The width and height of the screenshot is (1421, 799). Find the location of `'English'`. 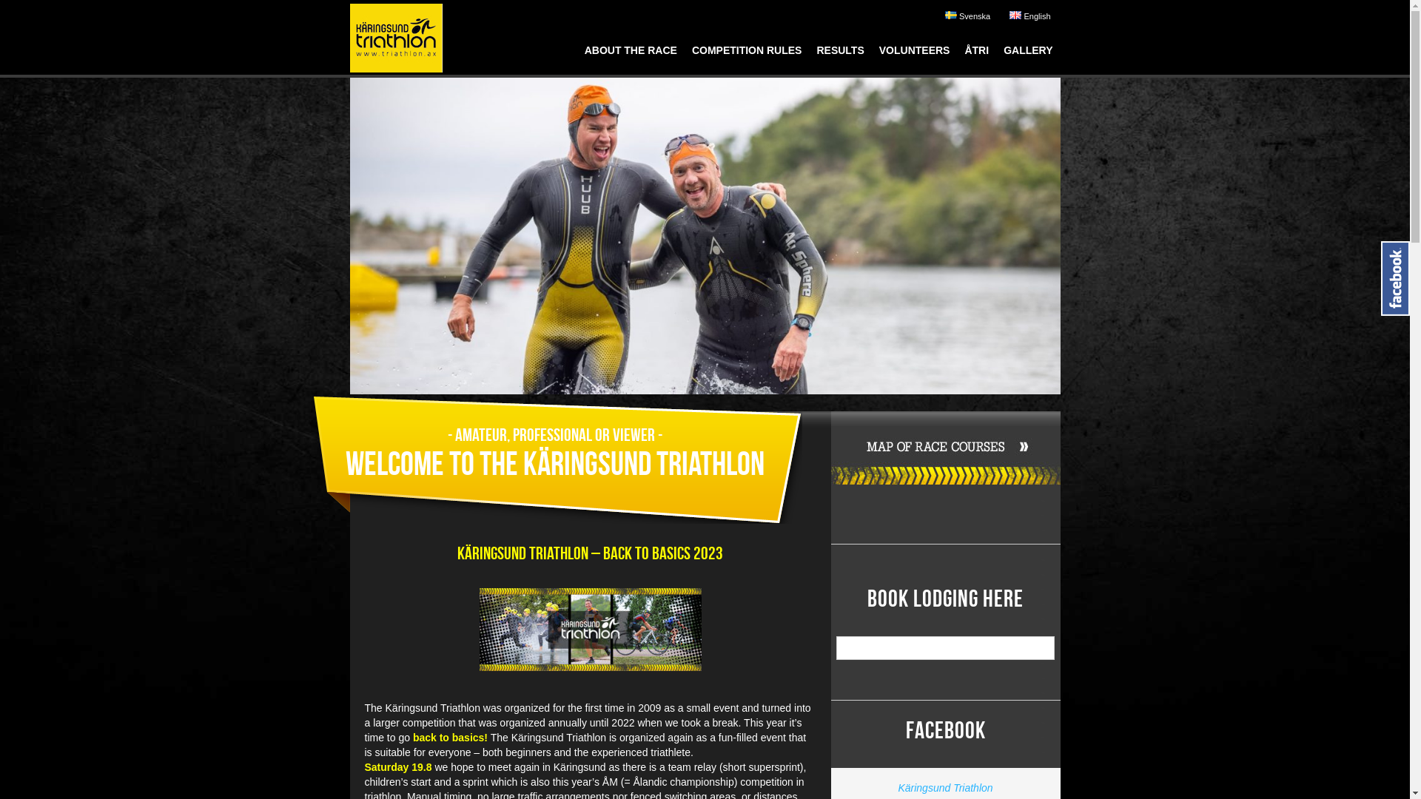

'English' is located at coordinates (1005, 16).